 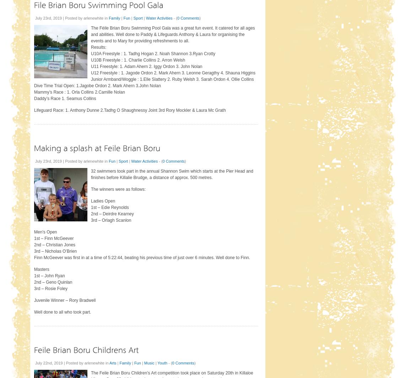 I want to click on '32 swimmers took part in the annual Shannon Swim which starts at the Pier Head and finishes before Killalie Brudge, a distance of approx. 500 metres.', so click(x=91, y=174).